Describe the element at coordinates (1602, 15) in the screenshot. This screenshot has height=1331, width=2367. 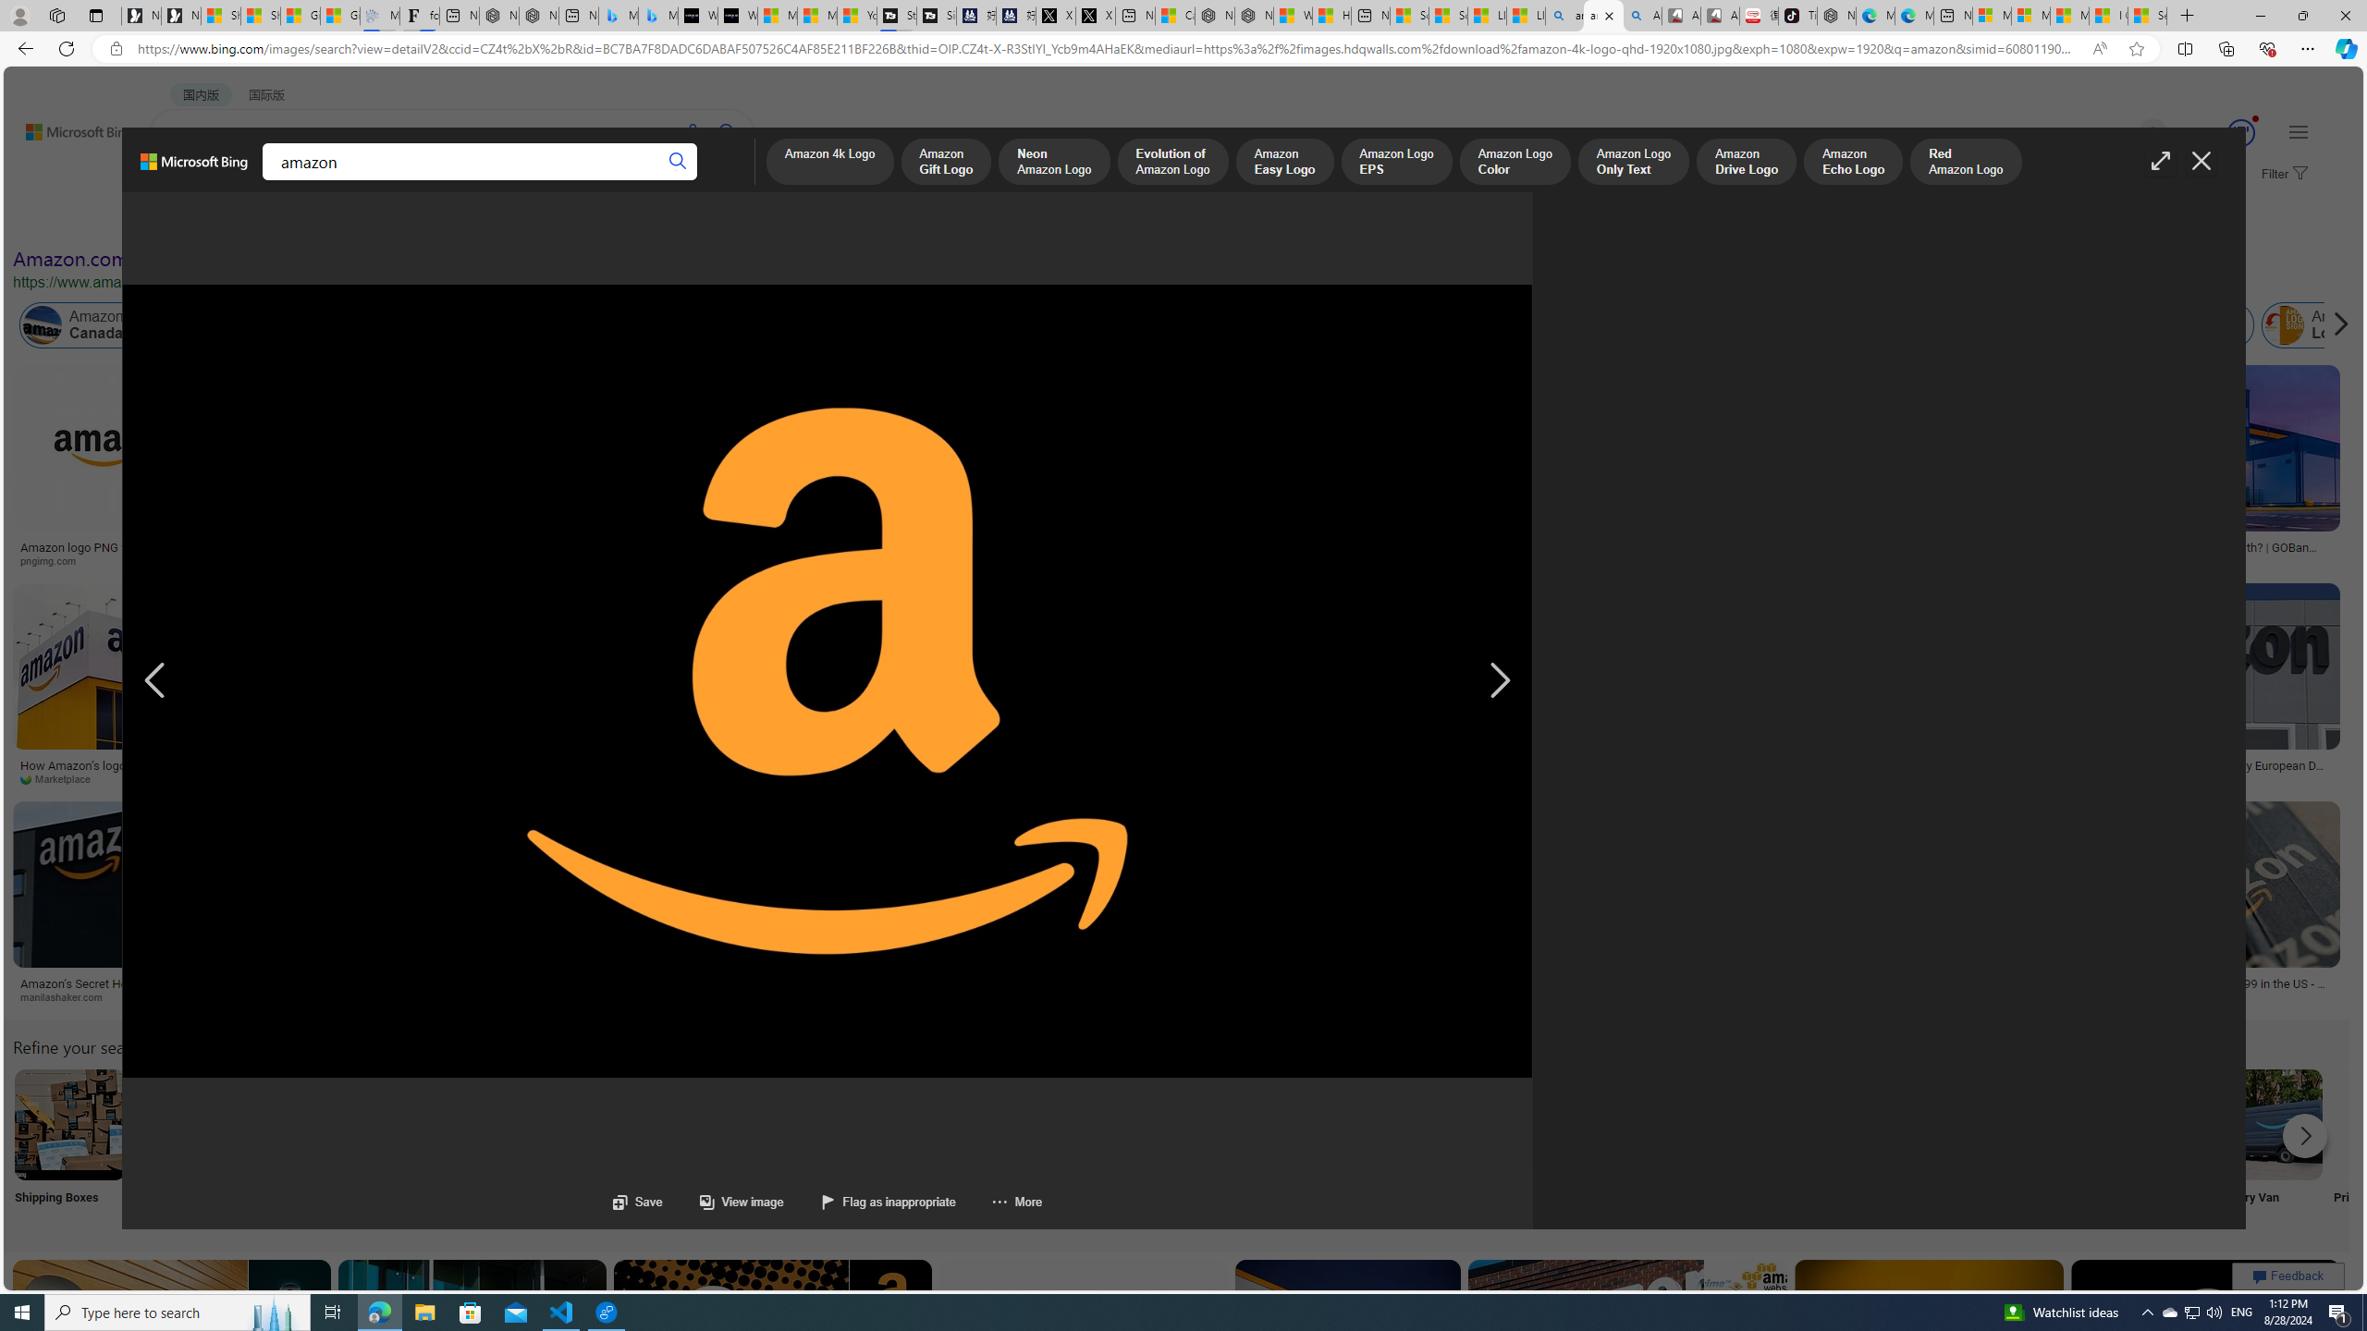
I see `'amazon - Search Images'` at that location.